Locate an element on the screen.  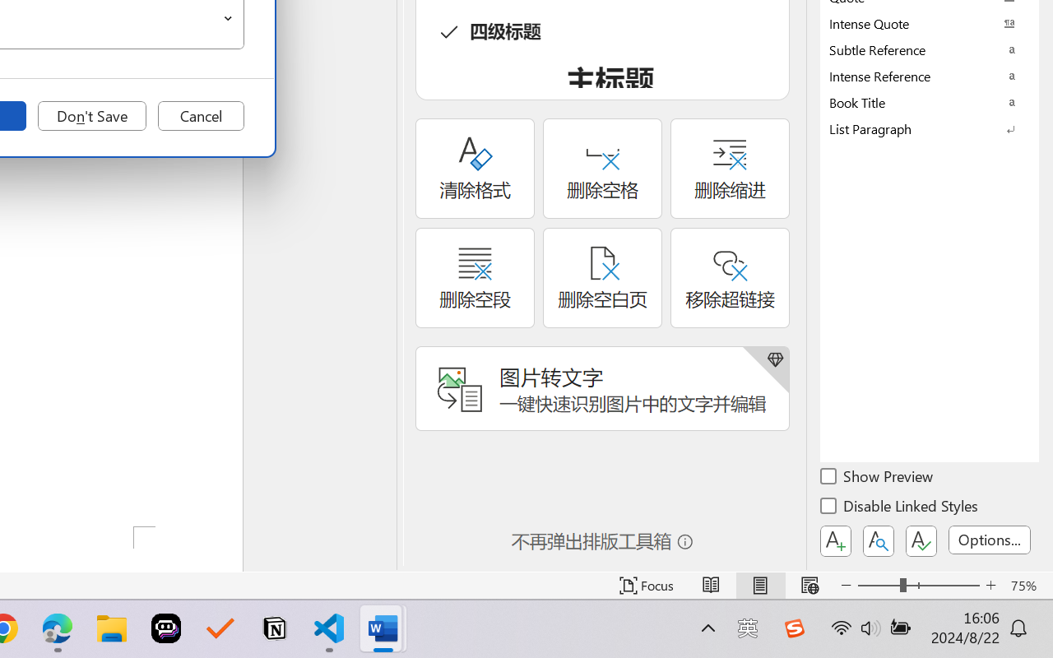
'Cancel' is located at coordinates (200, 116).